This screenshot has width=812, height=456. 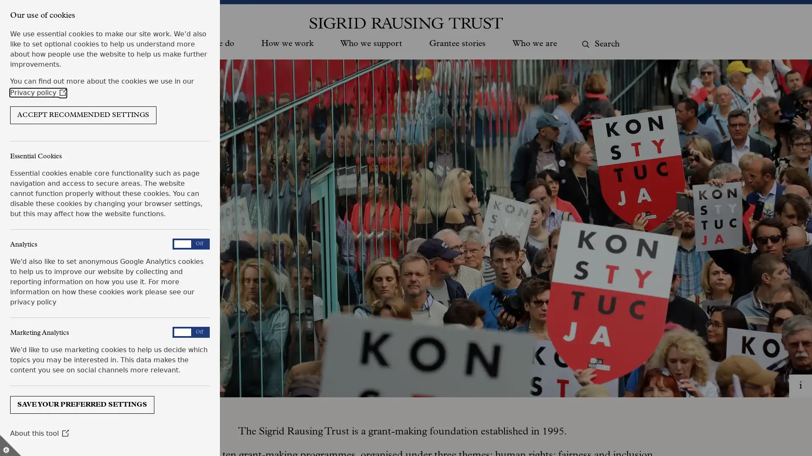 I want to click on ACCEPT RECOMMENDED SETTINGS, so click(x=83, y=115).